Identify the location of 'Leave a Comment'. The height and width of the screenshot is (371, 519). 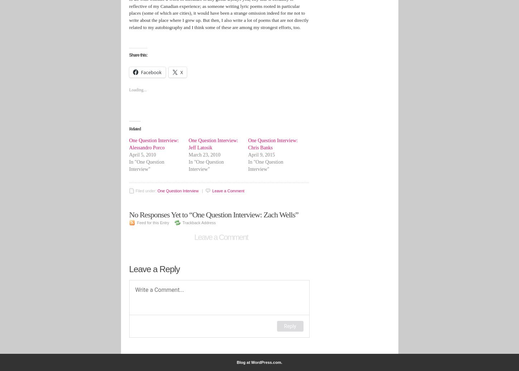
(220, 237).